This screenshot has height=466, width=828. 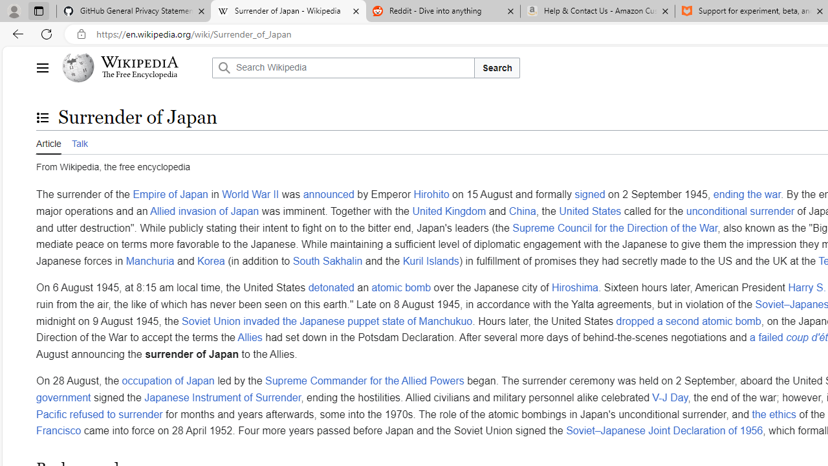 I want to click on 'Allies', so click(x=250, y=337).